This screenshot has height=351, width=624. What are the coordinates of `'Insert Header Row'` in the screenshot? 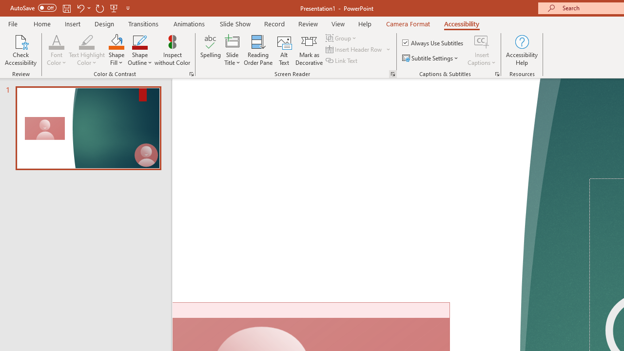 It's located at (354, 49).